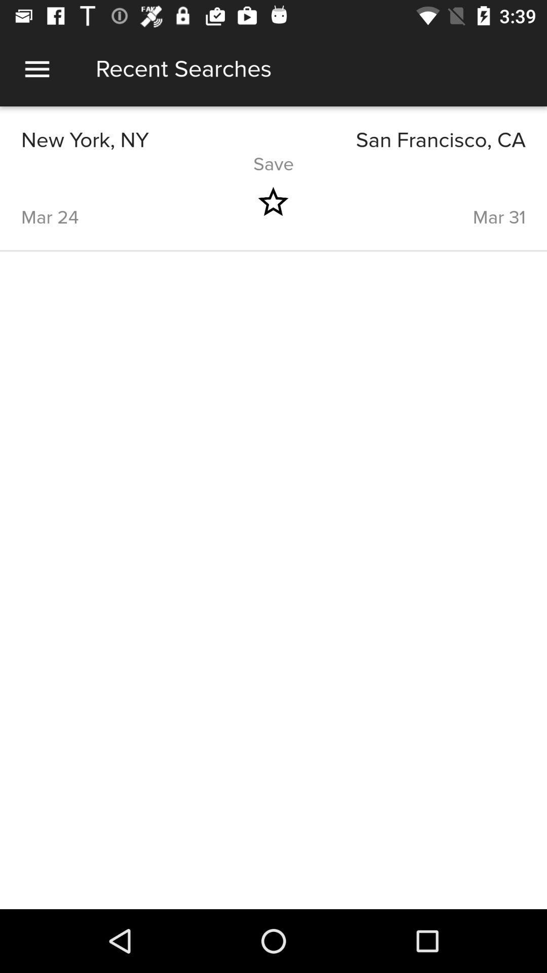  Describe the element at coordinates (147, 140) in the screenshot. I see `the new york, ny icon` at that location.